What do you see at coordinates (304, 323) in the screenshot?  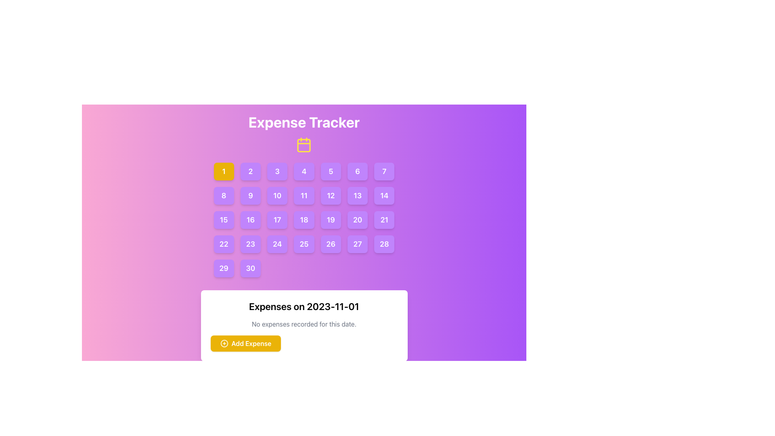 I see `the plain gray text label that reads 'No expenses recorded for this date.' which is located below the title 'Expenses on 2023-11-01' and above the yellow 'Add Expense' button` at bounding box center [304, 323].